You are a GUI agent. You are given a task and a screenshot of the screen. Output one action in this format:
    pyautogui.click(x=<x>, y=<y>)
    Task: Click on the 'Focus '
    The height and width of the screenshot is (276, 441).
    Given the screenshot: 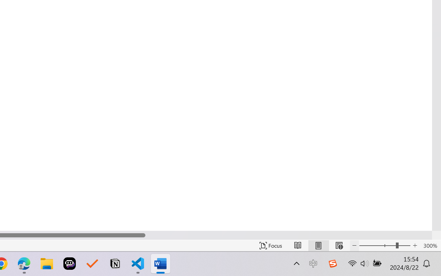 What is the action you would take?
    pyautogui.click(x=270, y=245)
    